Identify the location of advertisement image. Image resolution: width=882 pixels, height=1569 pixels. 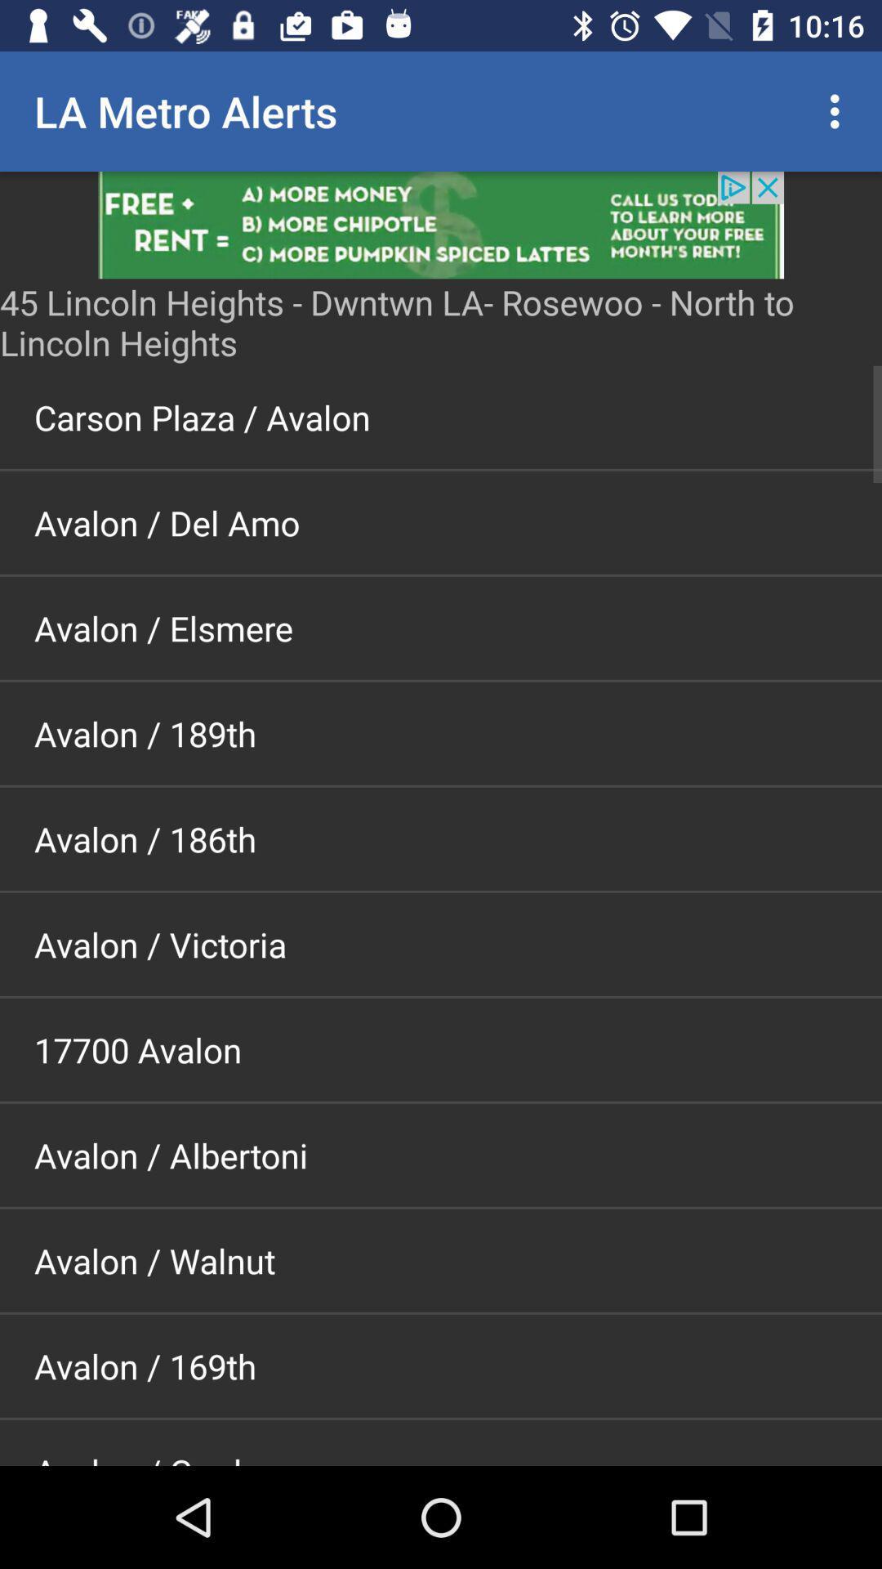
(441, 224).